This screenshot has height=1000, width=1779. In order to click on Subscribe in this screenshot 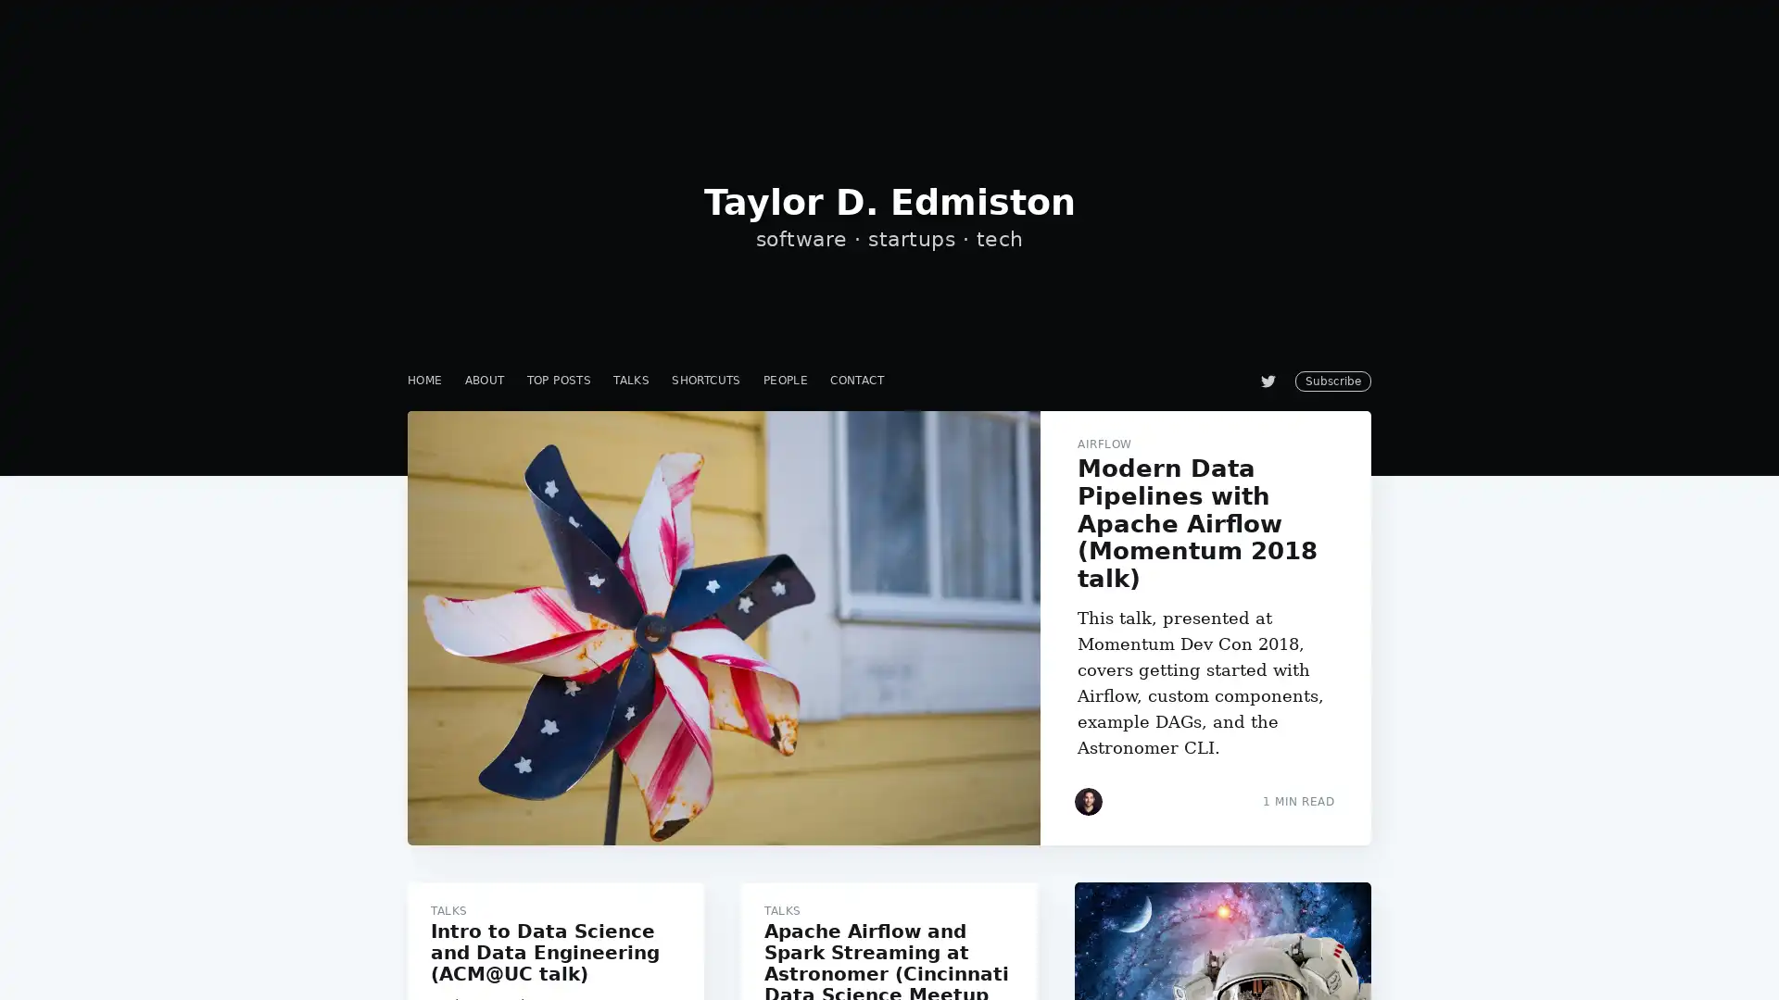, I will do `click(1058, 568)`.